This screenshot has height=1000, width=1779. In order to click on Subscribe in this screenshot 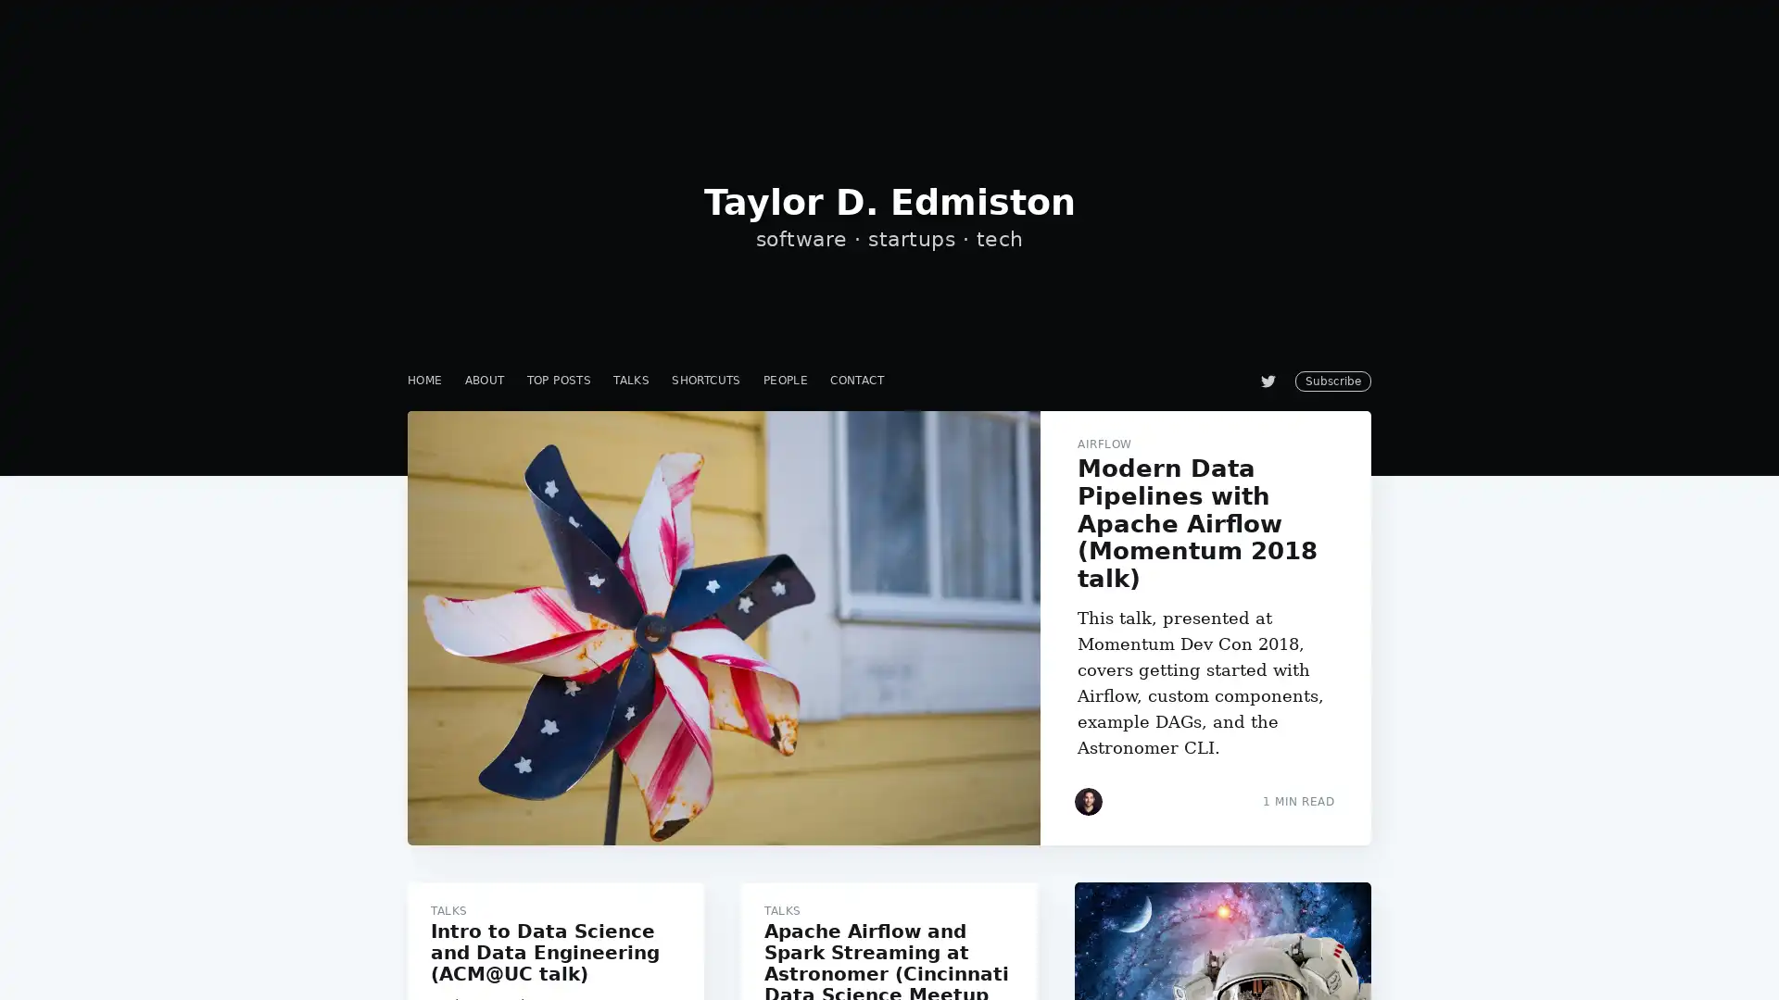, I will do `click(1058, 568)`.